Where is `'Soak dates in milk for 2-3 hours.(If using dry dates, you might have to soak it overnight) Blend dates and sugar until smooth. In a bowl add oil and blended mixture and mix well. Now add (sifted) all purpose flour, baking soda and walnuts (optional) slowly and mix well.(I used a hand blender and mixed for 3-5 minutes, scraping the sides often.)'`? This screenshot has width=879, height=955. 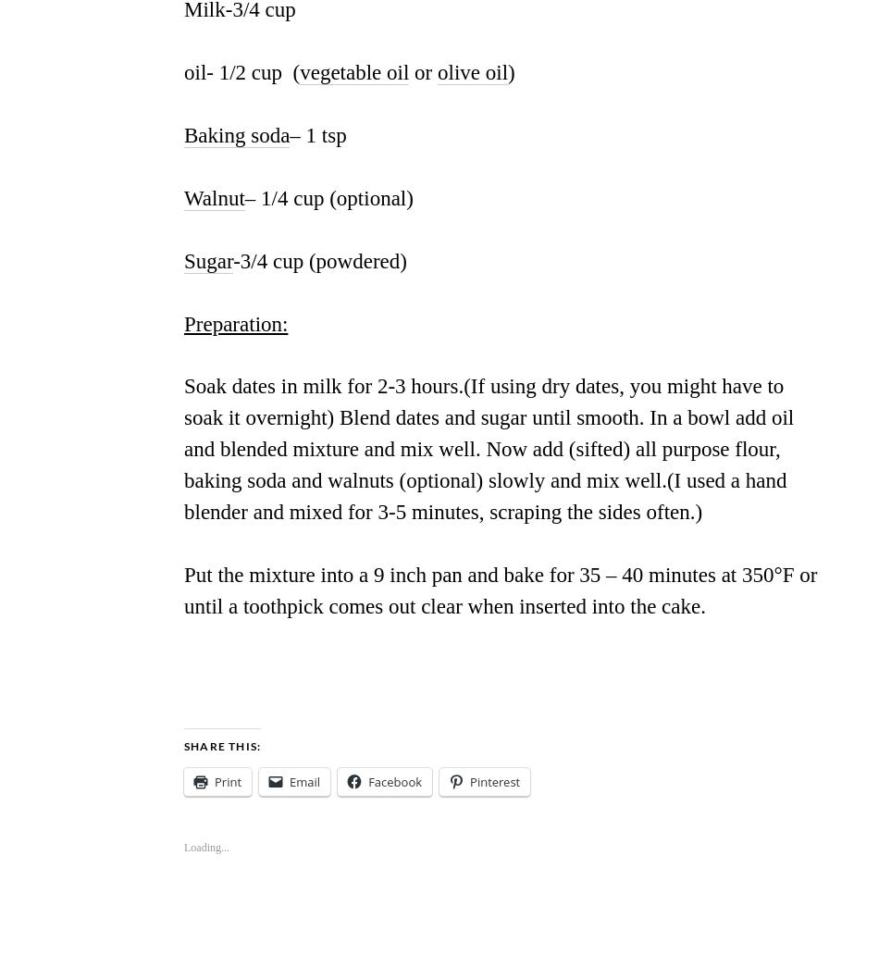 'Soak dates in milk for 2-3 hours.(If using dry dates, you might have to soak it overnight) Blend dates and sugar until smooth. In a bowl add oil and blended mixture and mix well. Now add (sifted) all purpose flour, baking soda and walnuts (optional) slowly and mix well.(I used a hand blender and mixed for 3-5 minutes, scraping the sides often.)' is located at coordinates (489, 448).